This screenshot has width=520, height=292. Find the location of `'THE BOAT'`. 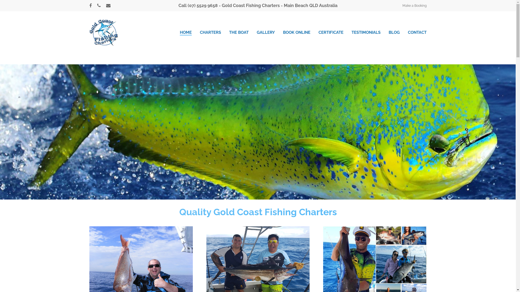

'THE BOAT' is located at coordinates (239, 32).